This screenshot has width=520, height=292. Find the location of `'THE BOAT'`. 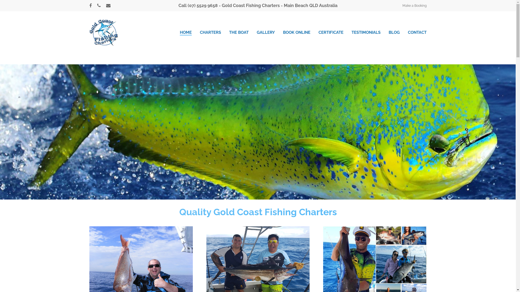

'THE BOAT' is located at coordinates (239, 32).